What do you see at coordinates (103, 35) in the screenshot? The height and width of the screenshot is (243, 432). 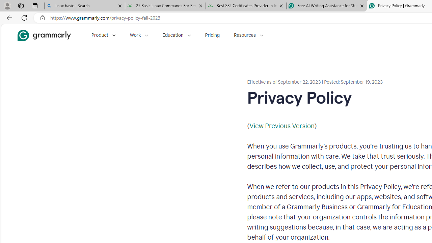 I see `'Product'` at bounding box center [103, 35].